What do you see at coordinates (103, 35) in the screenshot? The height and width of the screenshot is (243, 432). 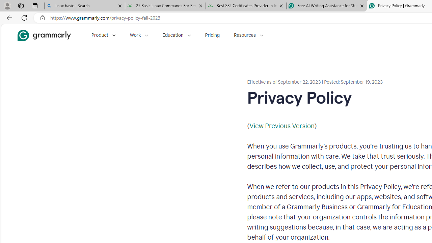 I see `'Product'` at bounding box center [103, 35].